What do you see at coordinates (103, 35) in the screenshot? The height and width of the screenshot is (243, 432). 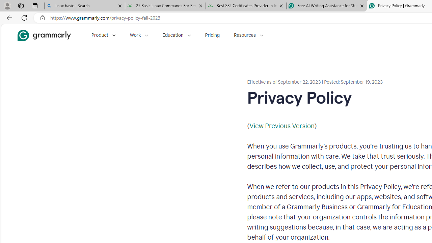 I see `'Product'` at bounding box center [103, 35].